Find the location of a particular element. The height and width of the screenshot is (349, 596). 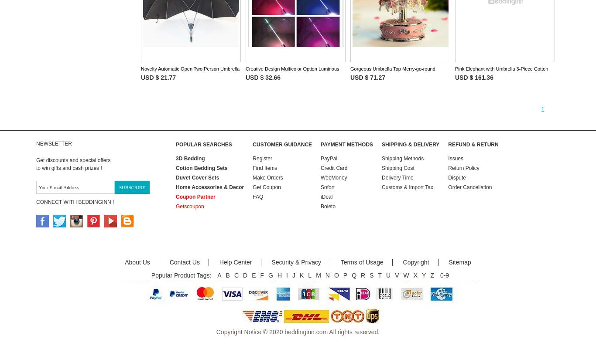

'Issues' is located at coordinates (455, 158).